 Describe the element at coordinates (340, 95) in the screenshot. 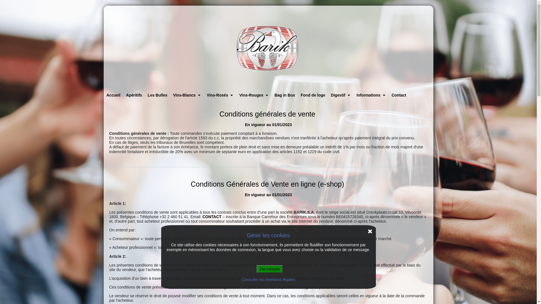

I see `'Digestif'` at that location.